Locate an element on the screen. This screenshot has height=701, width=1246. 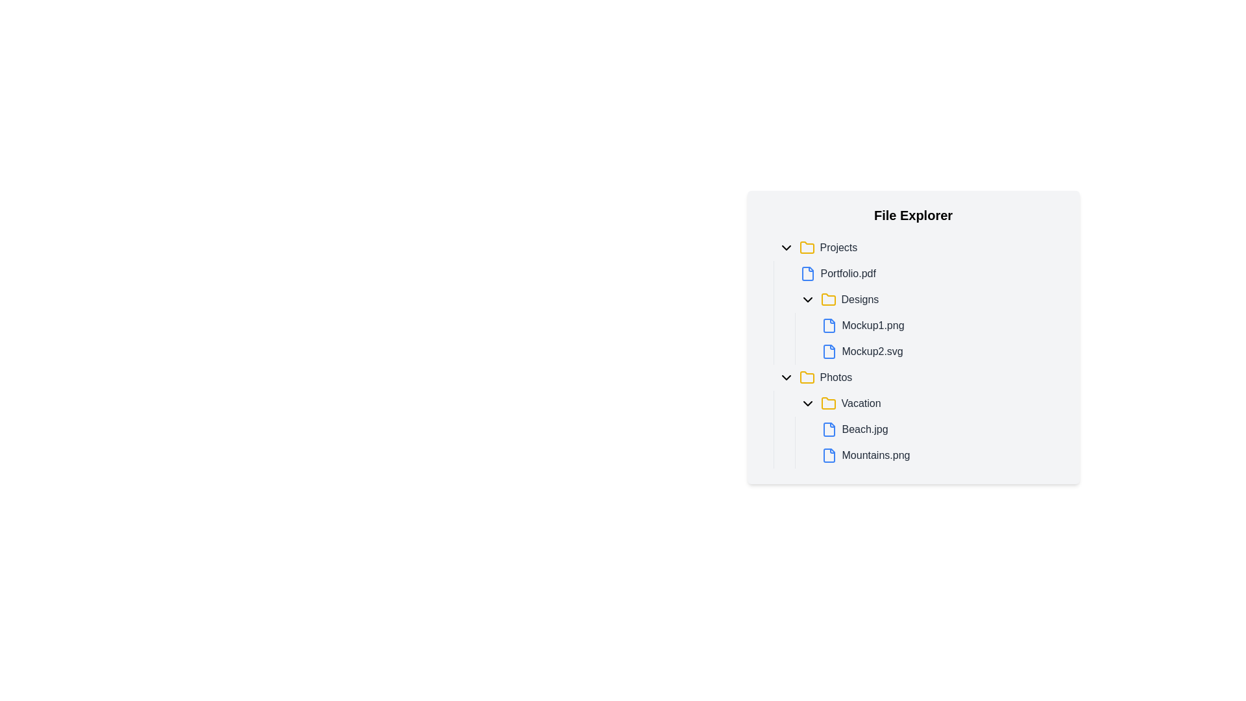
the file icon located in the 'Designs' folder section under the 'Projects' directory in the File Explorer interface, which is the second item from the top is located at coordinates (828, 325).